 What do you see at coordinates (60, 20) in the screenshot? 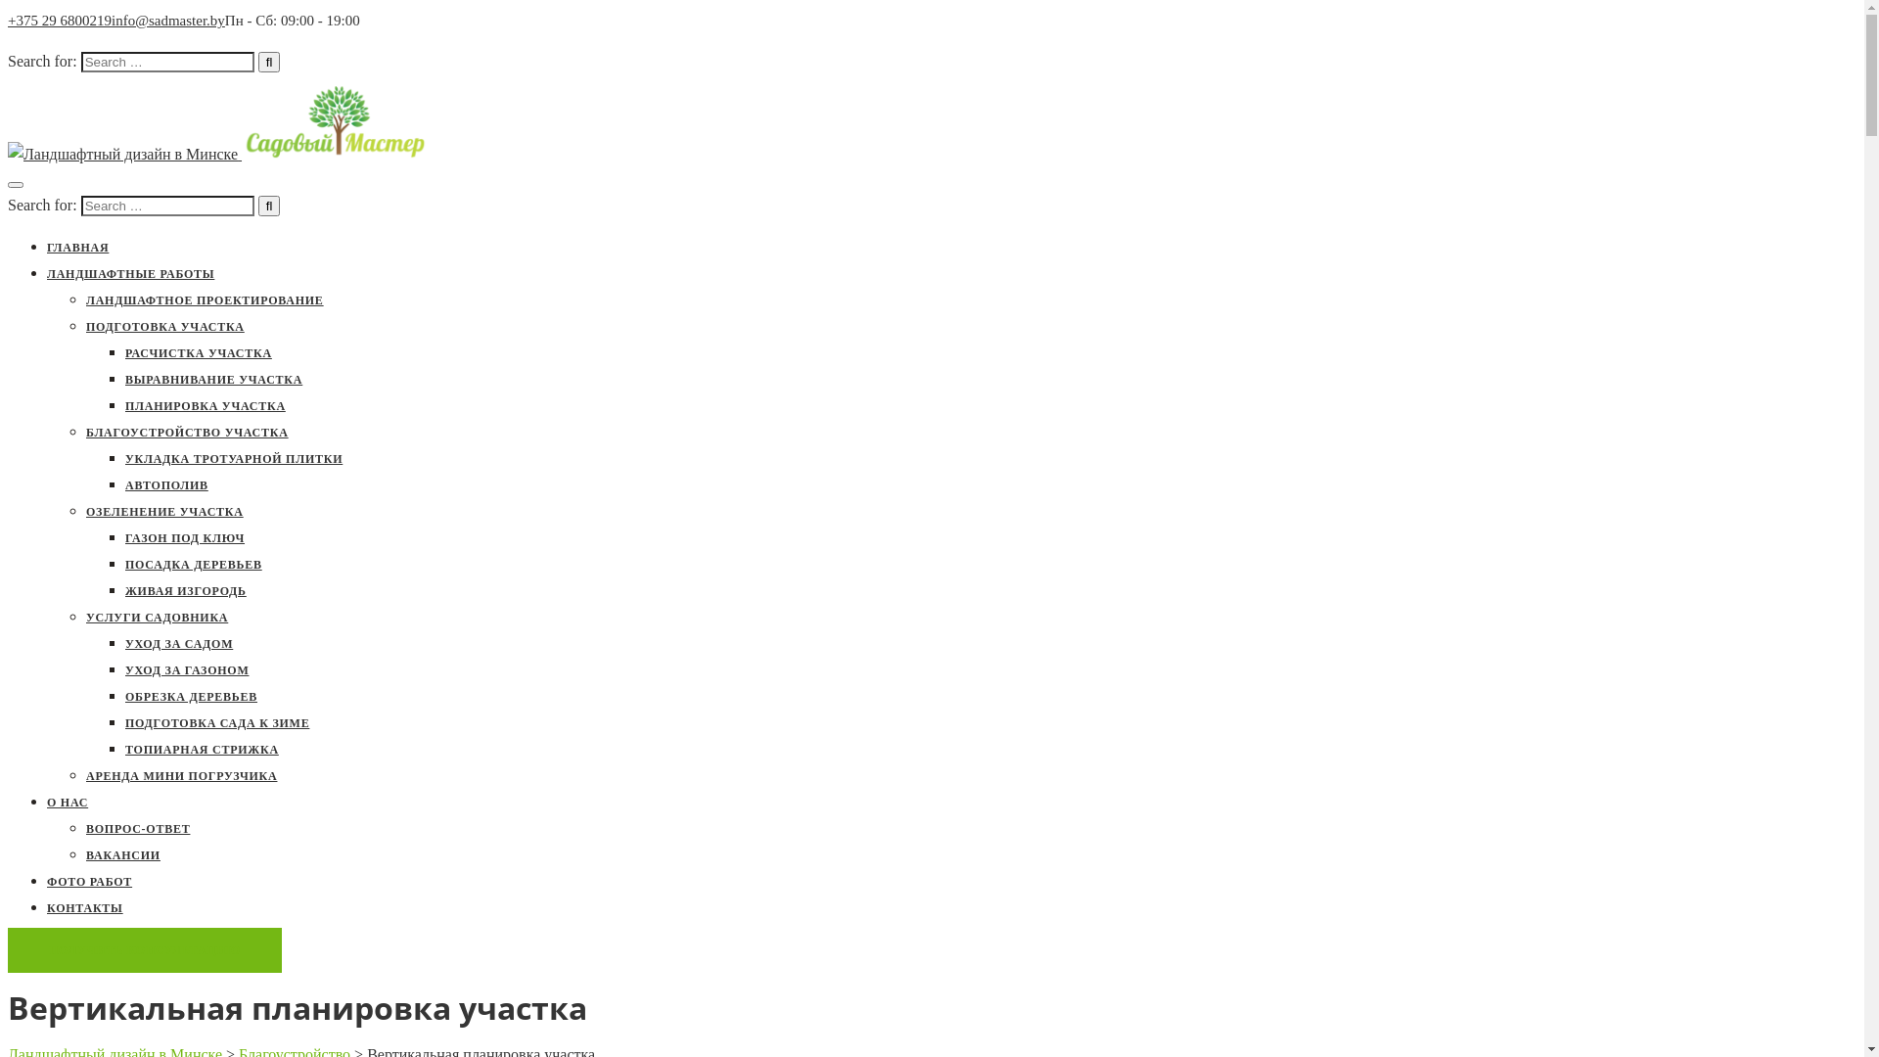
I see `'+375 29 6800219'` at bounding box center [60, 20].